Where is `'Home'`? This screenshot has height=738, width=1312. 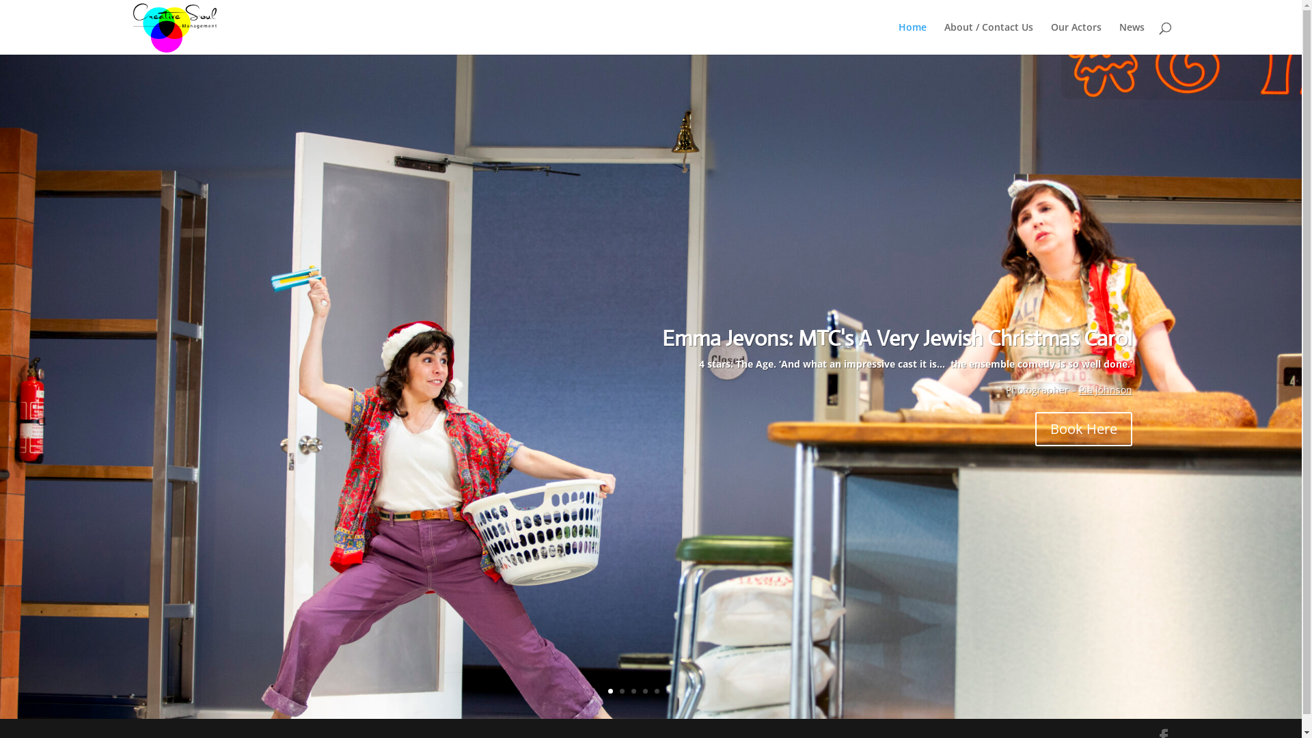
'Home' is located at coordinates (912, 38).